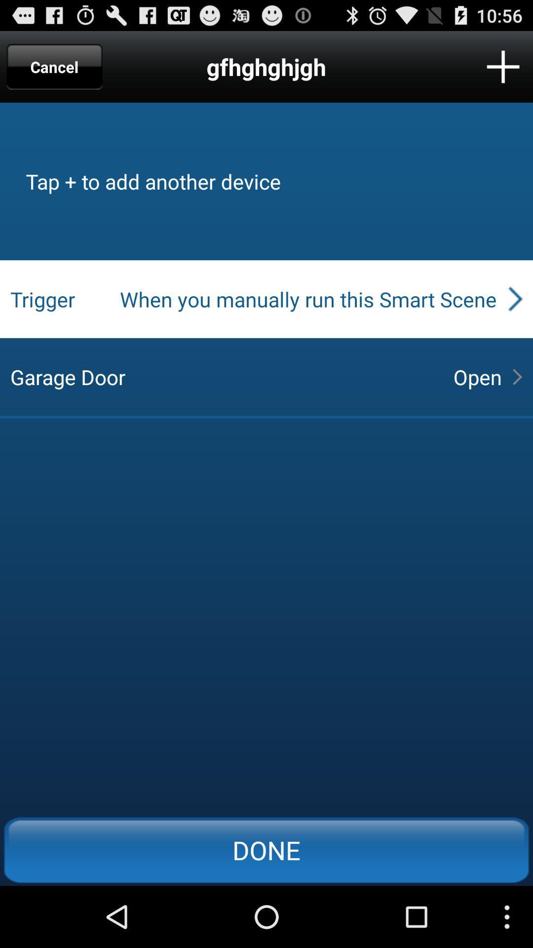 The width and height of the screenshot is (533, 948). I want to click on add new, so click(503, 66).